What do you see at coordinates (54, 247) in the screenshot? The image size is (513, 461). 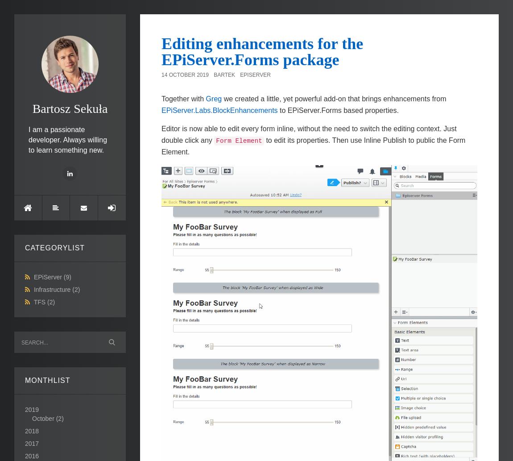 I see `'CategoryList'` at bounding box center [54, 247].